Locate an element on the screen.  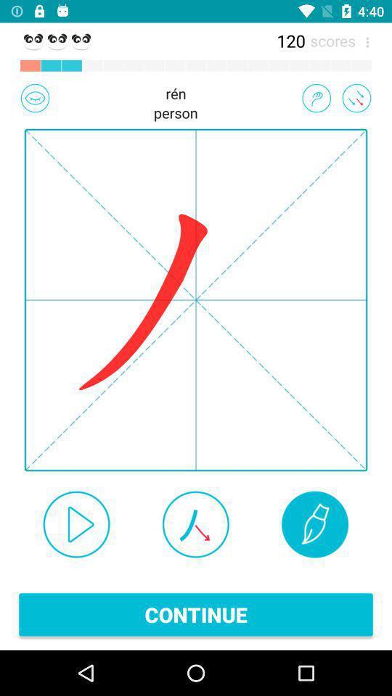
the icon above the continue is located at coordinates (195, 523).